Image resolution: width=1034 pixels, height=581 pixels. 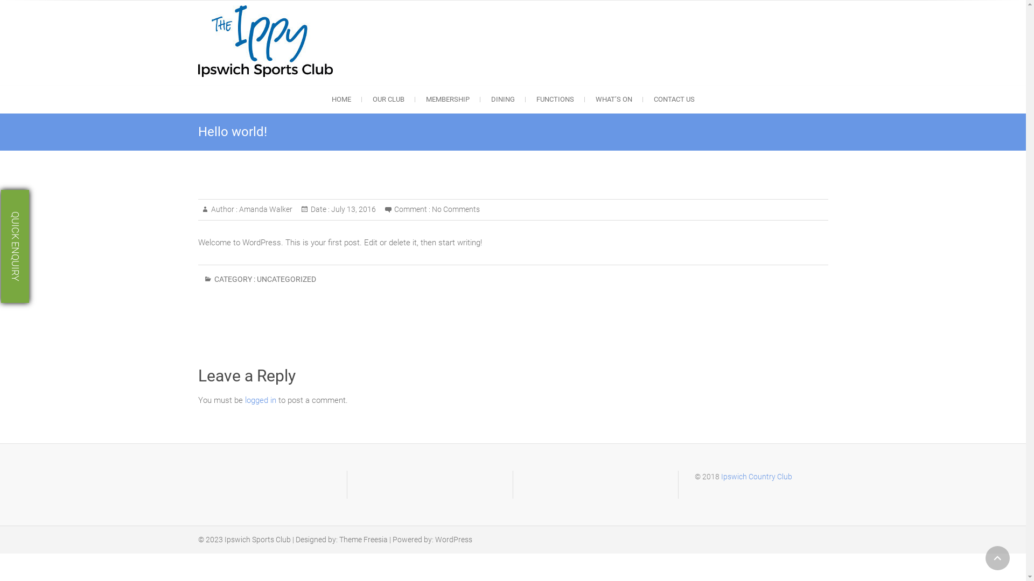 What do you see at coordinates (364, 539) in the screenshot?
I see `'Theme Freesia'` at bounding box center [364, 539].